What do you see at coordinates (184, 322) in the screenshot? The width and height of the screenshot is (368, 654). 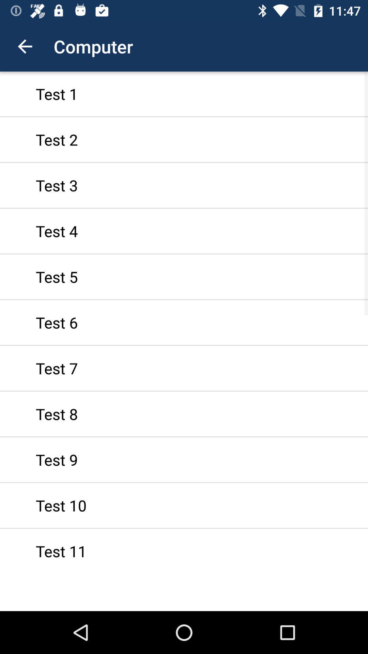 I see `the icon below the test 5 item` at bounding box center [184, 322].